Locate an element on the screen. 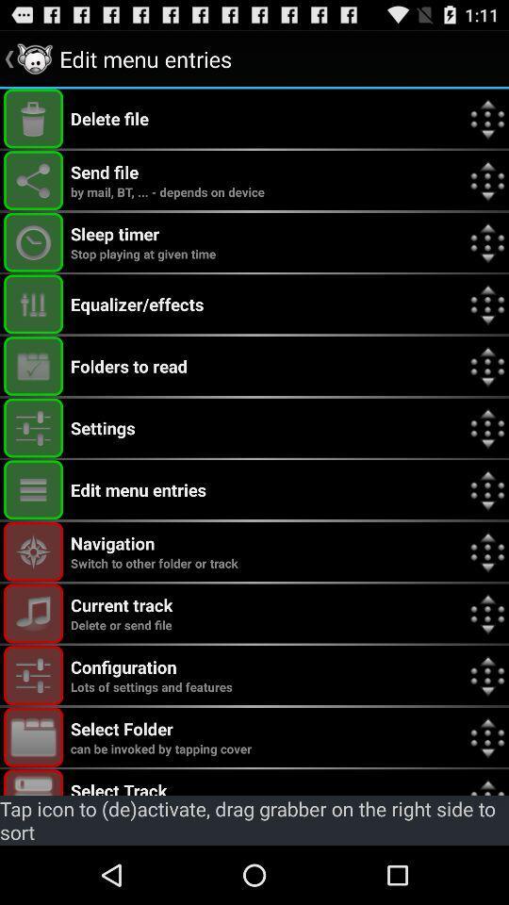 This screenshot has width=509, height=905. option to open is located at coordinates (33, 365).